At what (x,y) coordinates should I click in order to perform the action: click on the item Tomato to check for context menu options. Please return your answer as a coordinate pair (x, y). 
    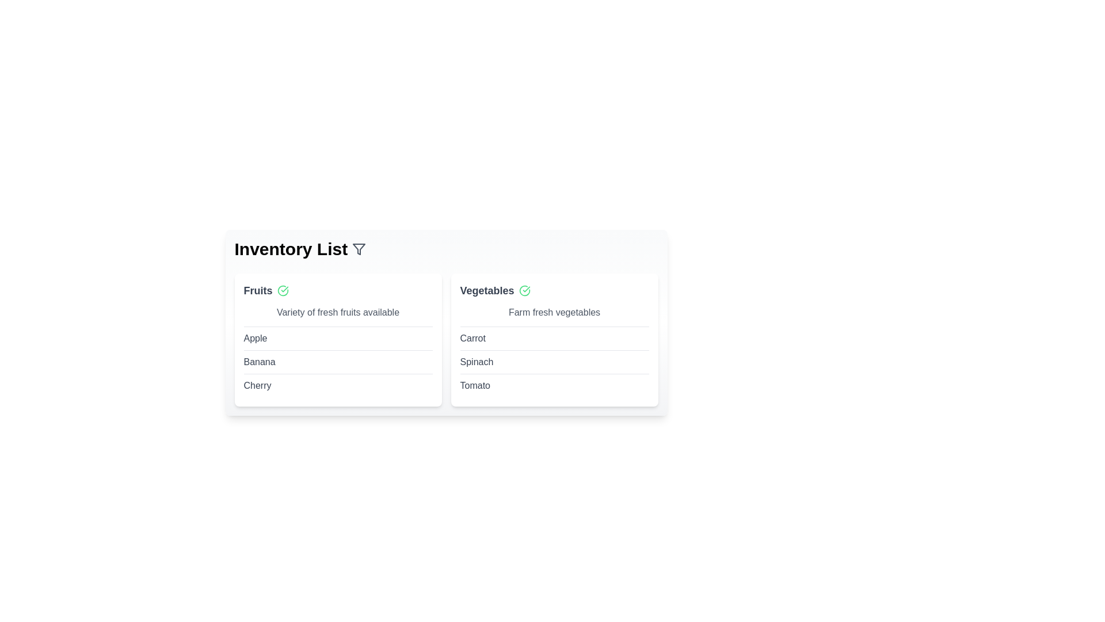
    Looking at the image, I should click on (475, 386).